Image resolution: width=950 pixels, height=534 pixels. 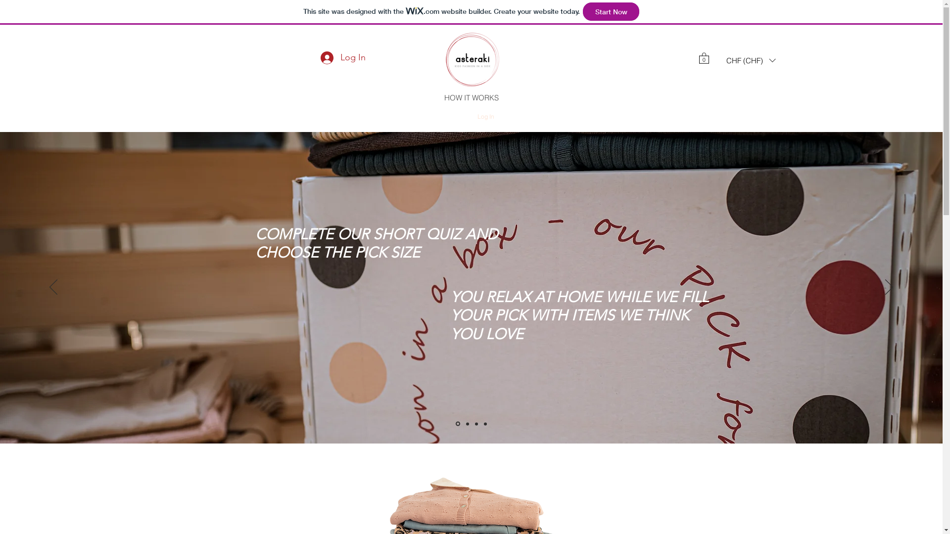 What do you see at coordinates (719, 60) in the screenshot?
I see `'CHF (CHF)'` at bounding box center [719, 60].